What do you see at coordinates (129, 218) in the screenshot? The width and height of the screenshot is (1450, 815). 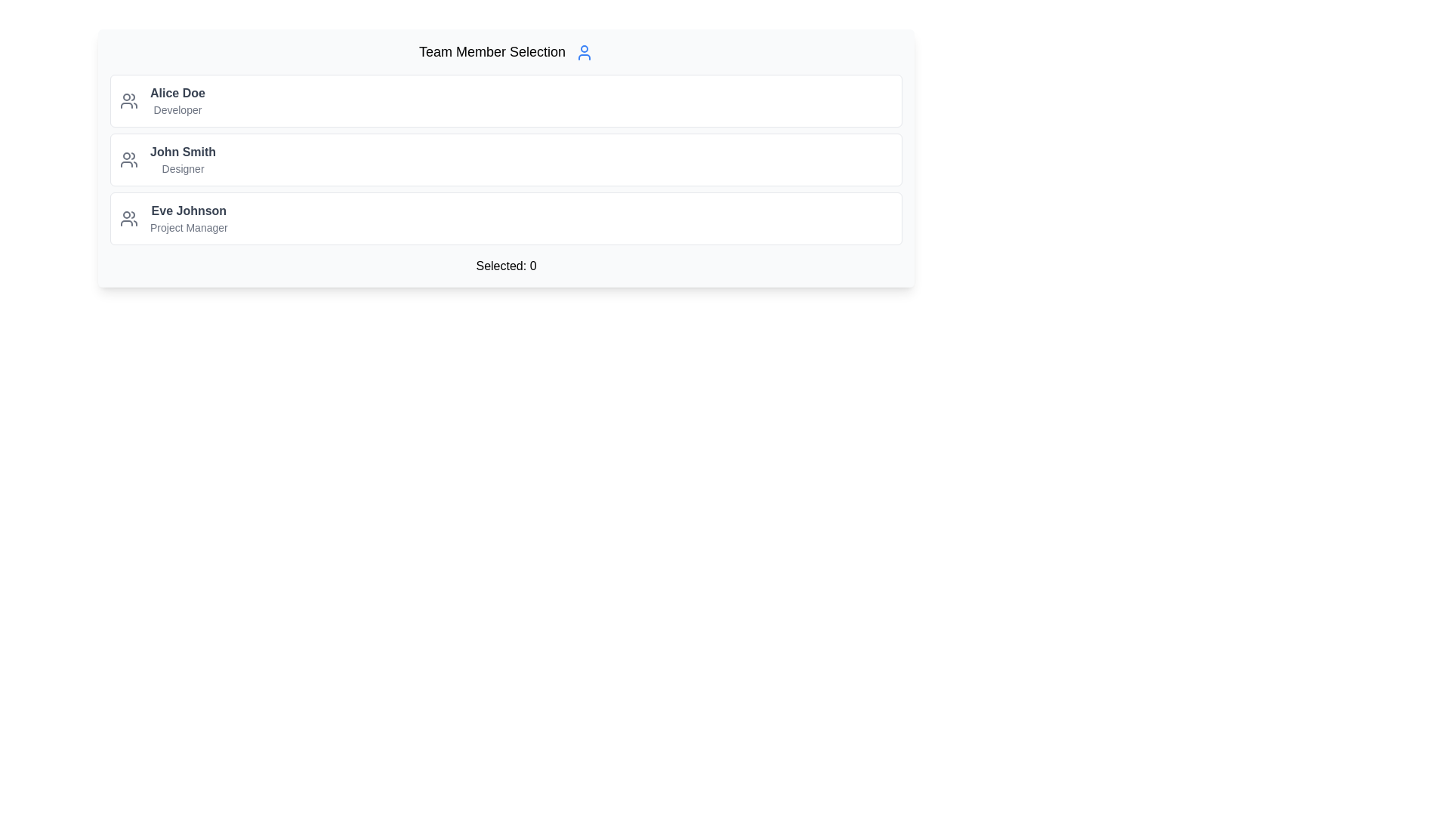 I see `SVG Icon representing 'Eve Johnson' located to the left of the text 'Eve Johnson Project Manager' in the third list item` at bounding box center [129, 218].